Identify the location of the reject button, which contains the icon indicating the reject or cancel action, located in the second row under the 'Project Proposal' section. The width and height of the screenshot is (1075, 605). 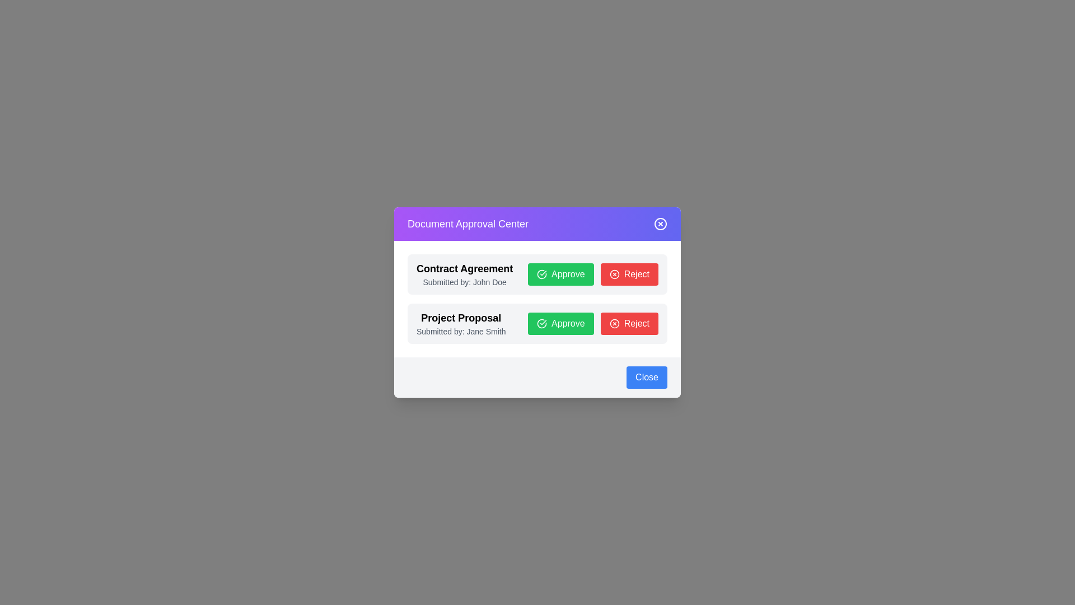
(614, 324).